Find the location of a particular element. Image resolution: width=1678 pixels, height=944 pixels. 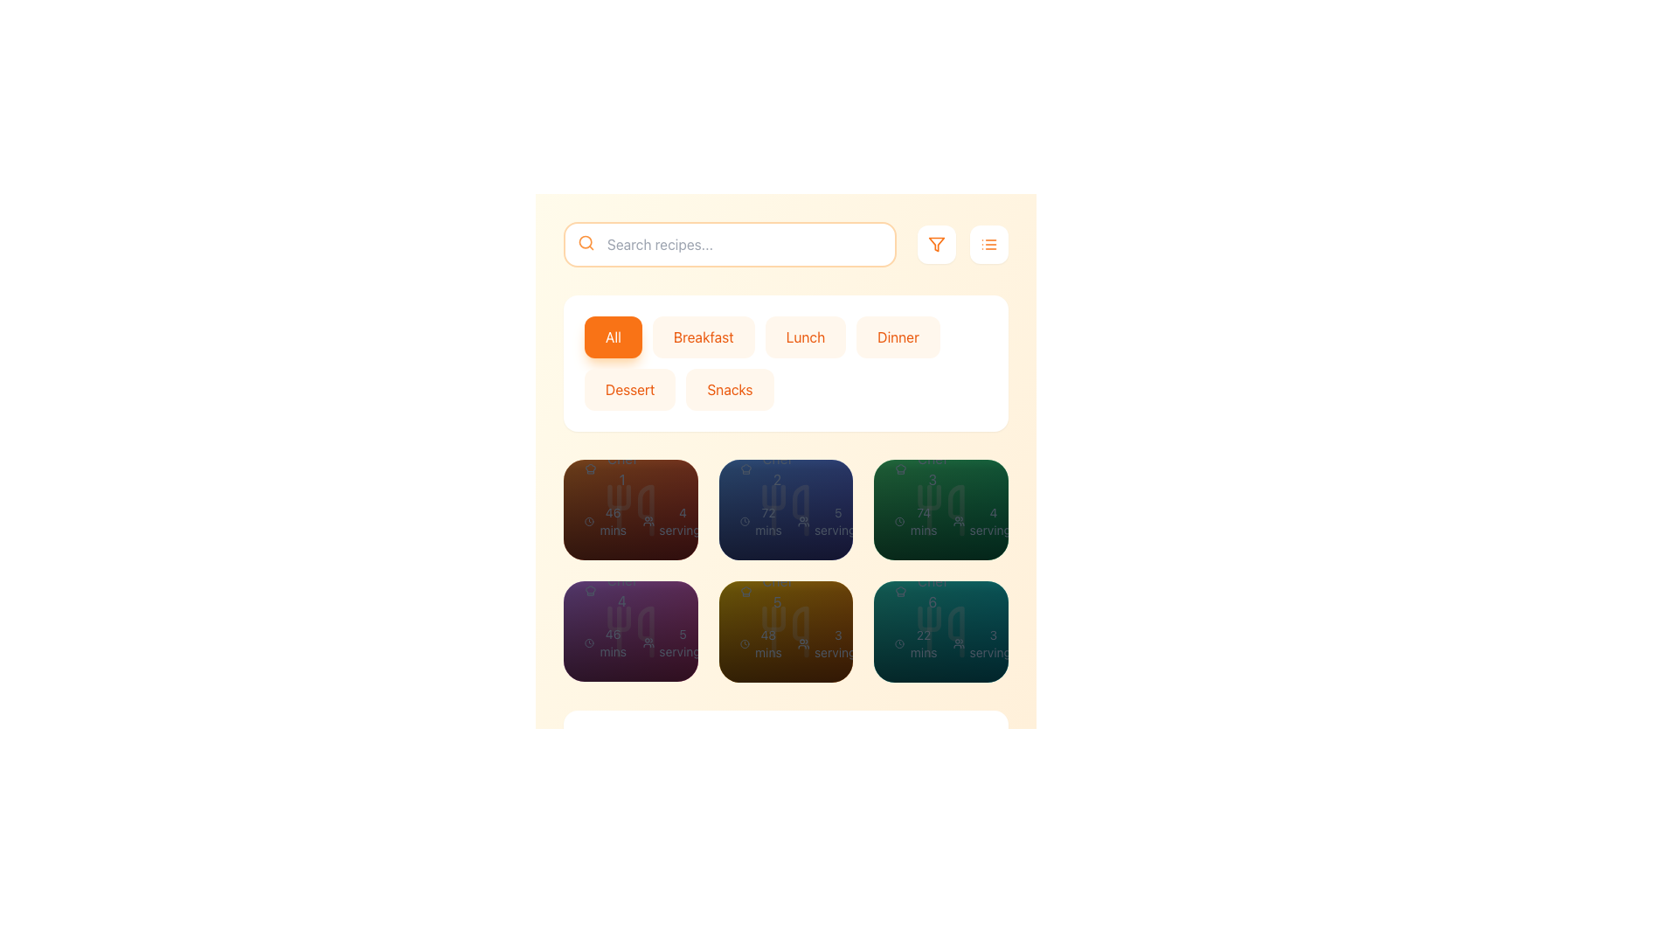

the 'Chef' icon, which serves as a visual indicator for cooking-related content, located to the left of the text 'Chef 1' is located at coordinates (591, 469).